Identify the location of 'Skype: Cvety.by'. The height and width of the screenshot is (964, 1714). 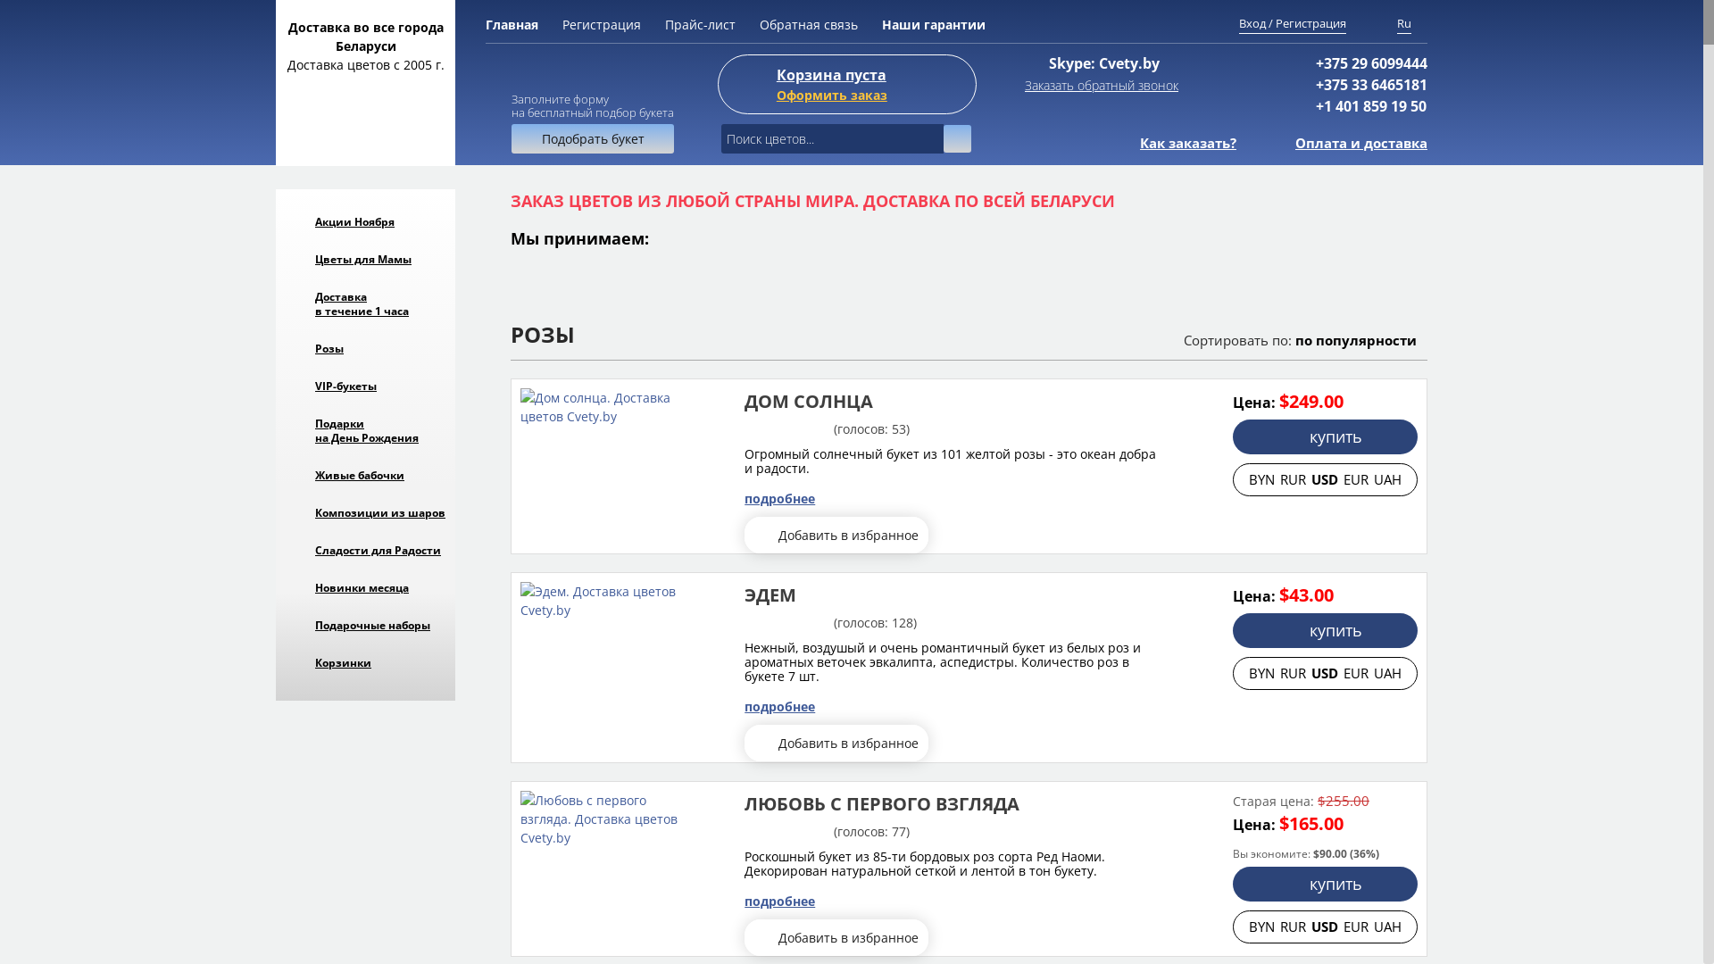
(1103, 62).